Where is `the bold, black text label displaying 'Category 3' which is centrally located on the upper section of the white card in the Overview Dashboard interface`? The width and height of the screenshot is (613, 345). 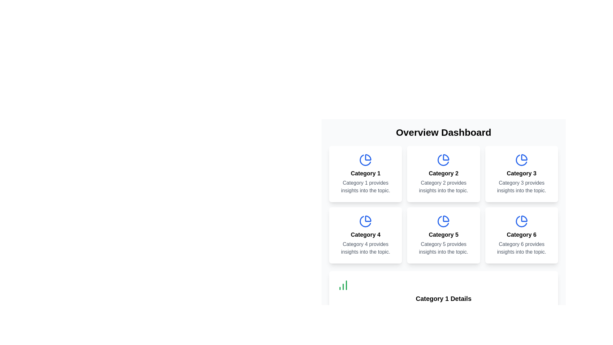 the bold, black text label displaying 'Category 3' which is centrally located on the upper section of the white card in the Overview Dashboard interface is located at coordinates (521, 173).